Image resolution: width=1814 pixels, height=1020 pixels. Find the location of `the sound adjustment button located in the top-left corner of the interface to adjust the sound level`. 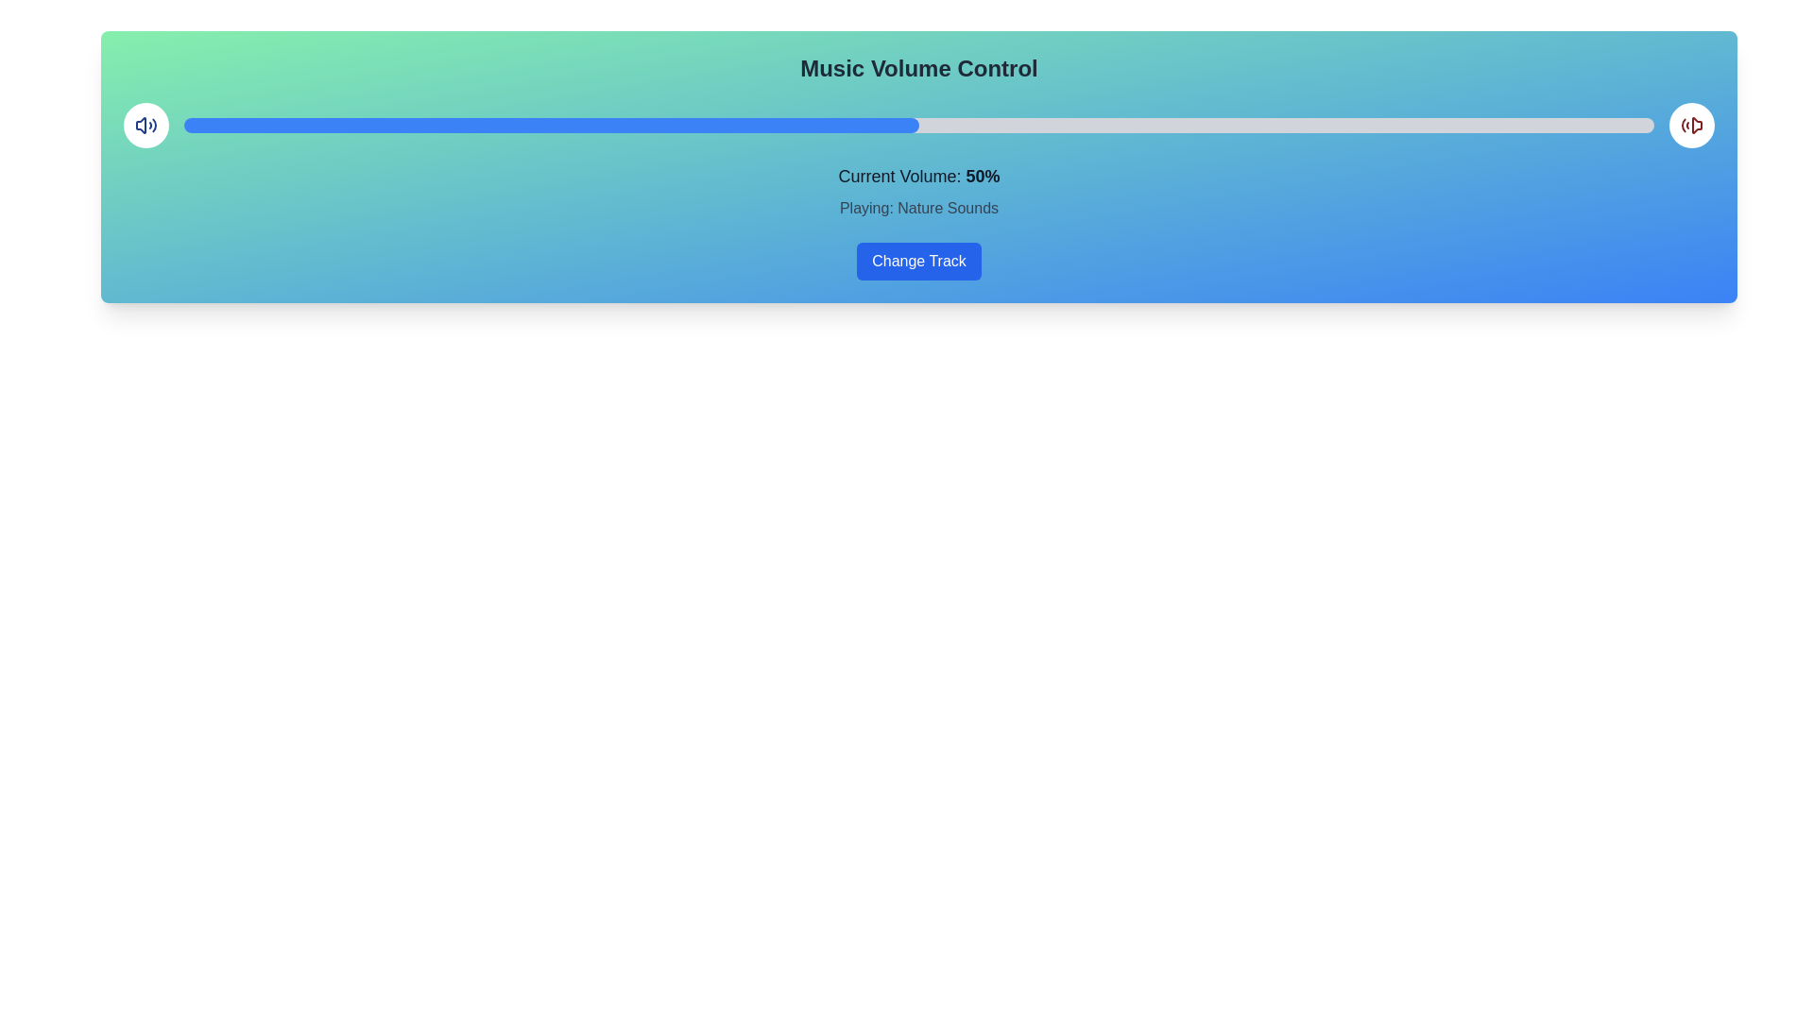

the sound adjustment button located in the top-left corner of the interface to adjust the sound level is located at coordinates (145, 125).